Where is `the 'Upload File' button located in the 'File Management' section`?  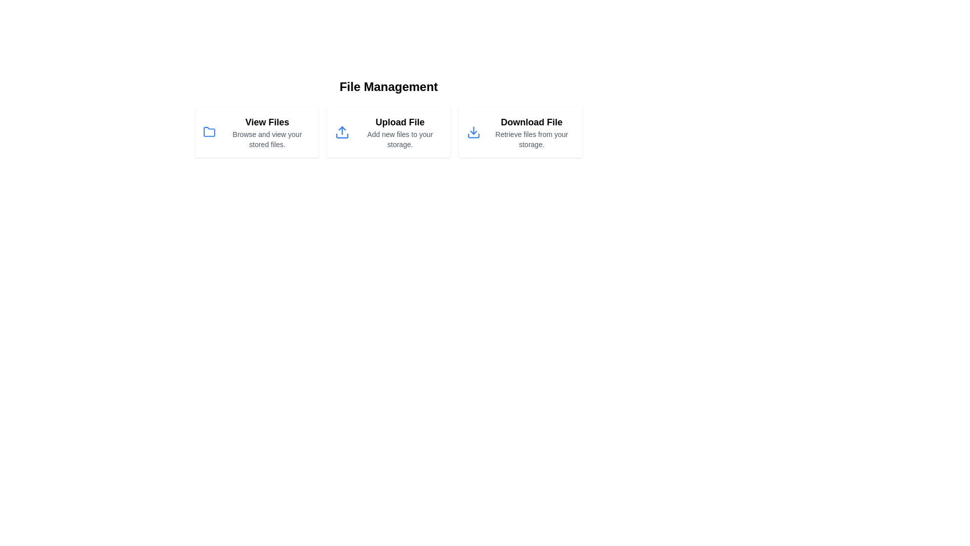 the 'Upload File' button located in the 'File Management' section is located at coordinates (388, 132).